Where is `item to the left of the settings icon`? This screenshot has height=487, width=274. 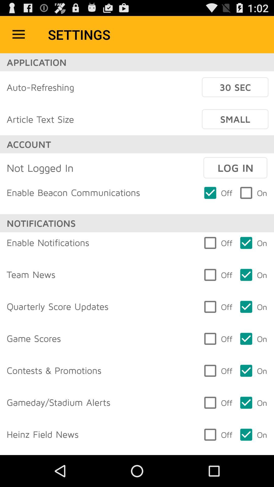 item to the left of the settings icon is located at coordinates (18, 34).